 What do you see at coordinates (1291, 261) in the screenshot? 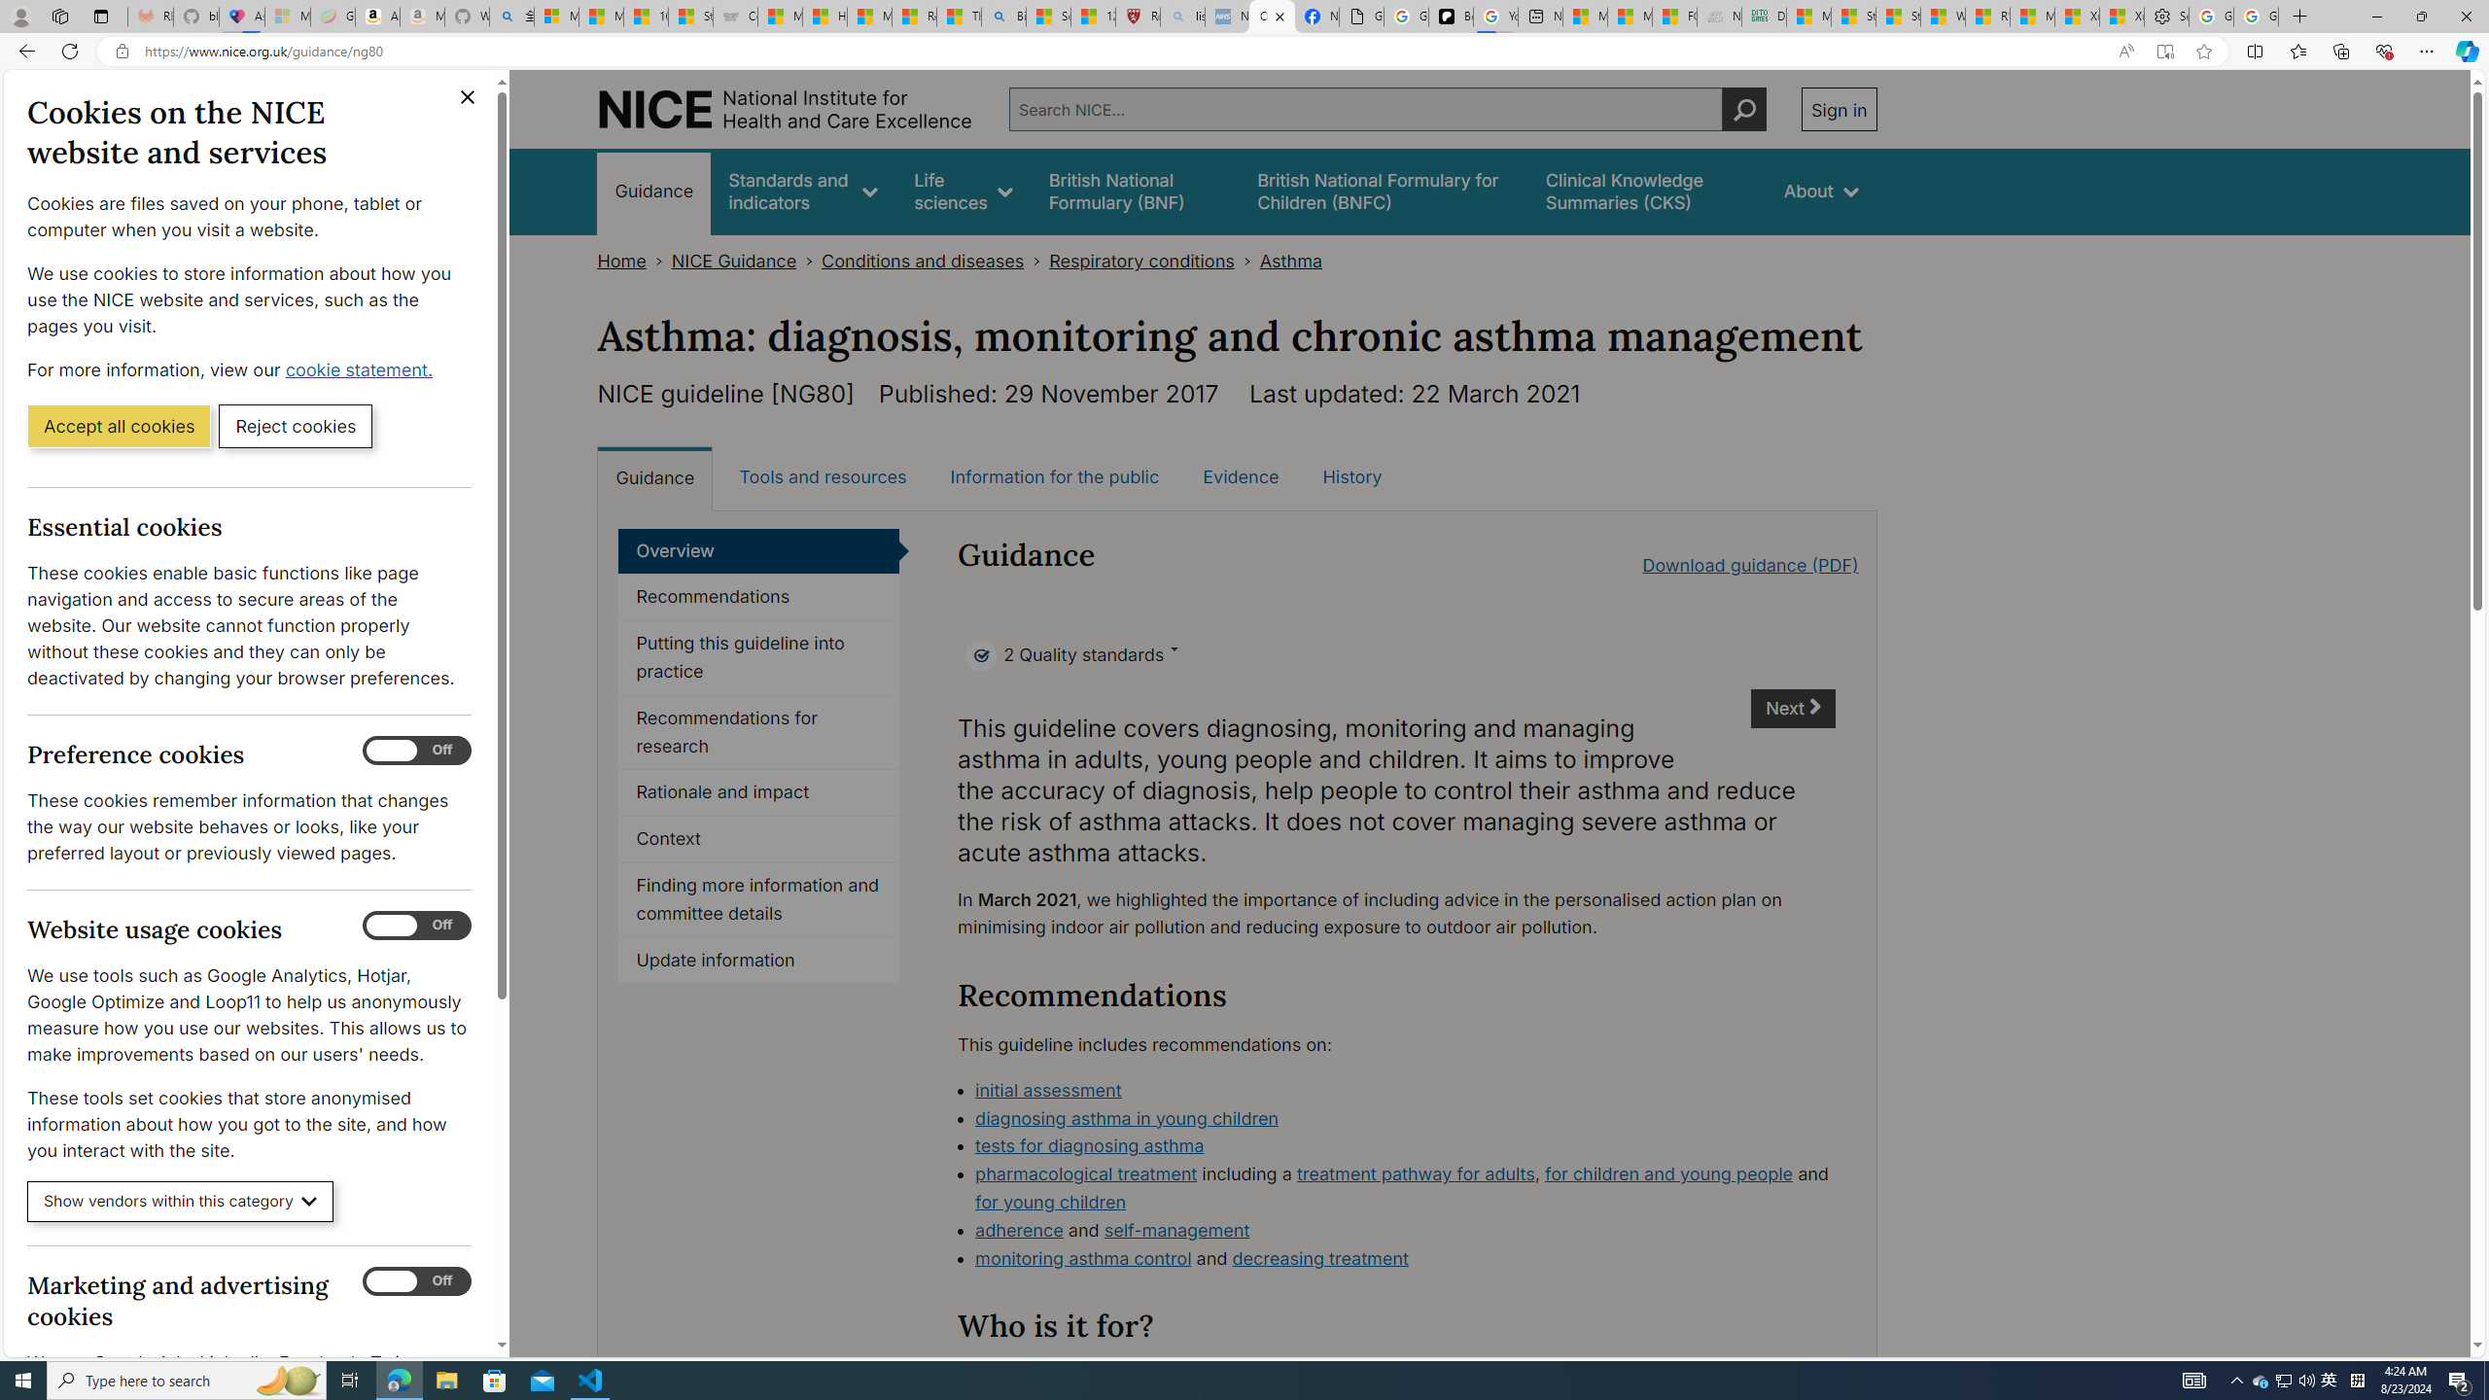
I see `'Asthma'` at bounding box center [1291, 261].